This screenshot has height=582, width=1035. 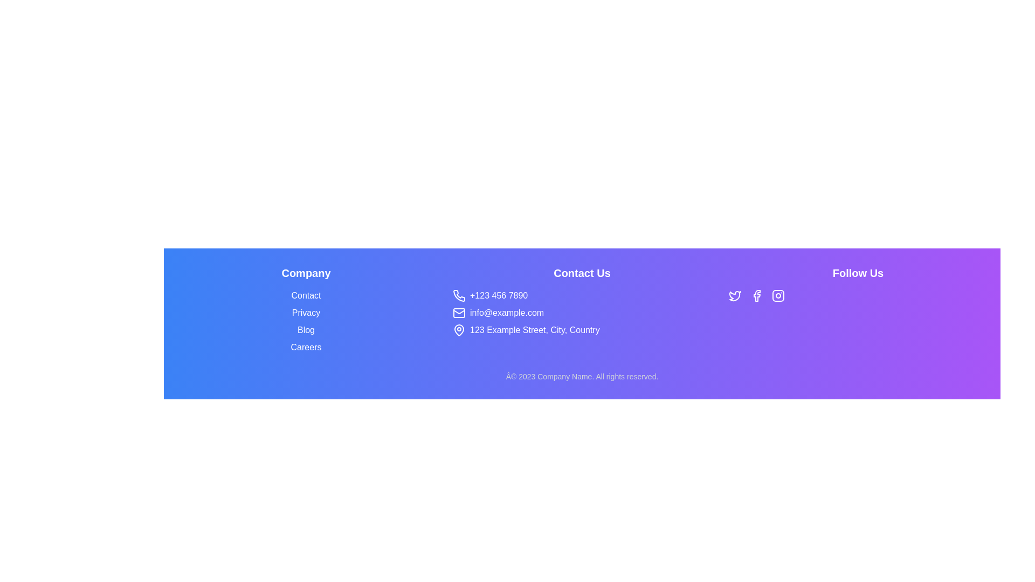 What do you see at coordinates (734, 295) in the screenshot?
I see `the leftmost Twitter icon in the 'Follow Us' section of the footer` at bounding box center [734, 295].